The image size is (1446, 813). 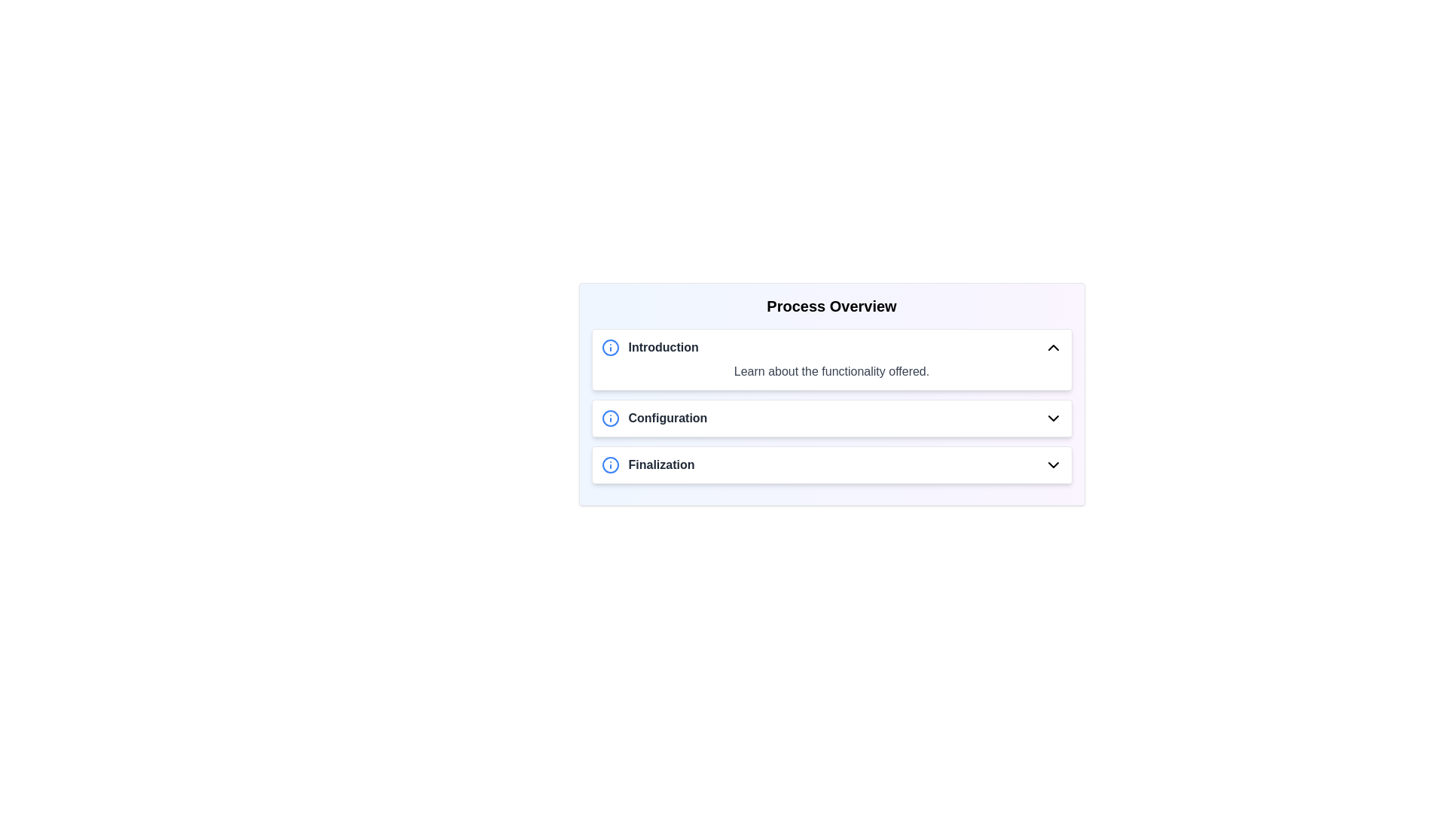 I want to click on the circular icon with a blue stroke and a small blue dot at its center, located, so click(x=610, y=418).